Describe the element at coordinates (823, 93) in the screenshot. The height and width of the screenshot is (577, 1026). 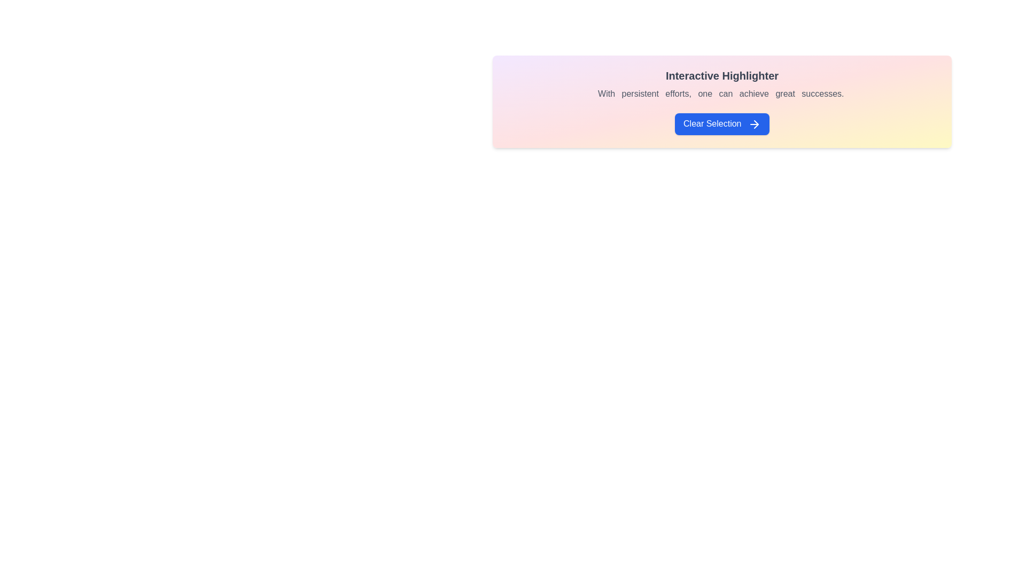
I see `the clickable text block displaying the word 'successes.'` at that location.